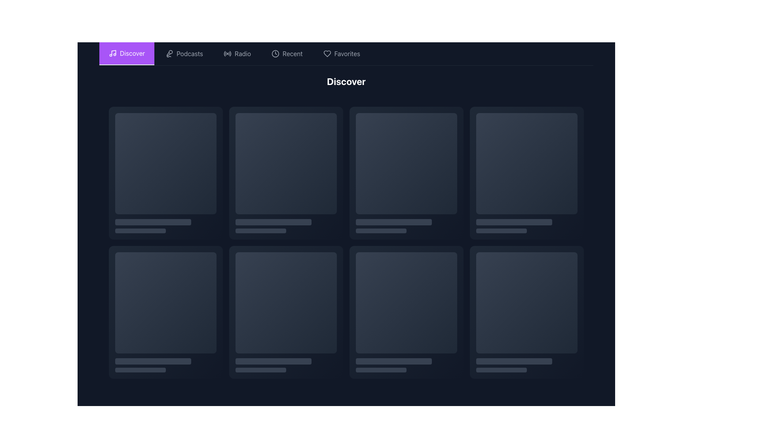 The image size is (760, 427). I want to click on the 'Favorites' text label in the horizontal navigation bar at the top of the interface, which is light gray on a dark background, so click(347, 53).